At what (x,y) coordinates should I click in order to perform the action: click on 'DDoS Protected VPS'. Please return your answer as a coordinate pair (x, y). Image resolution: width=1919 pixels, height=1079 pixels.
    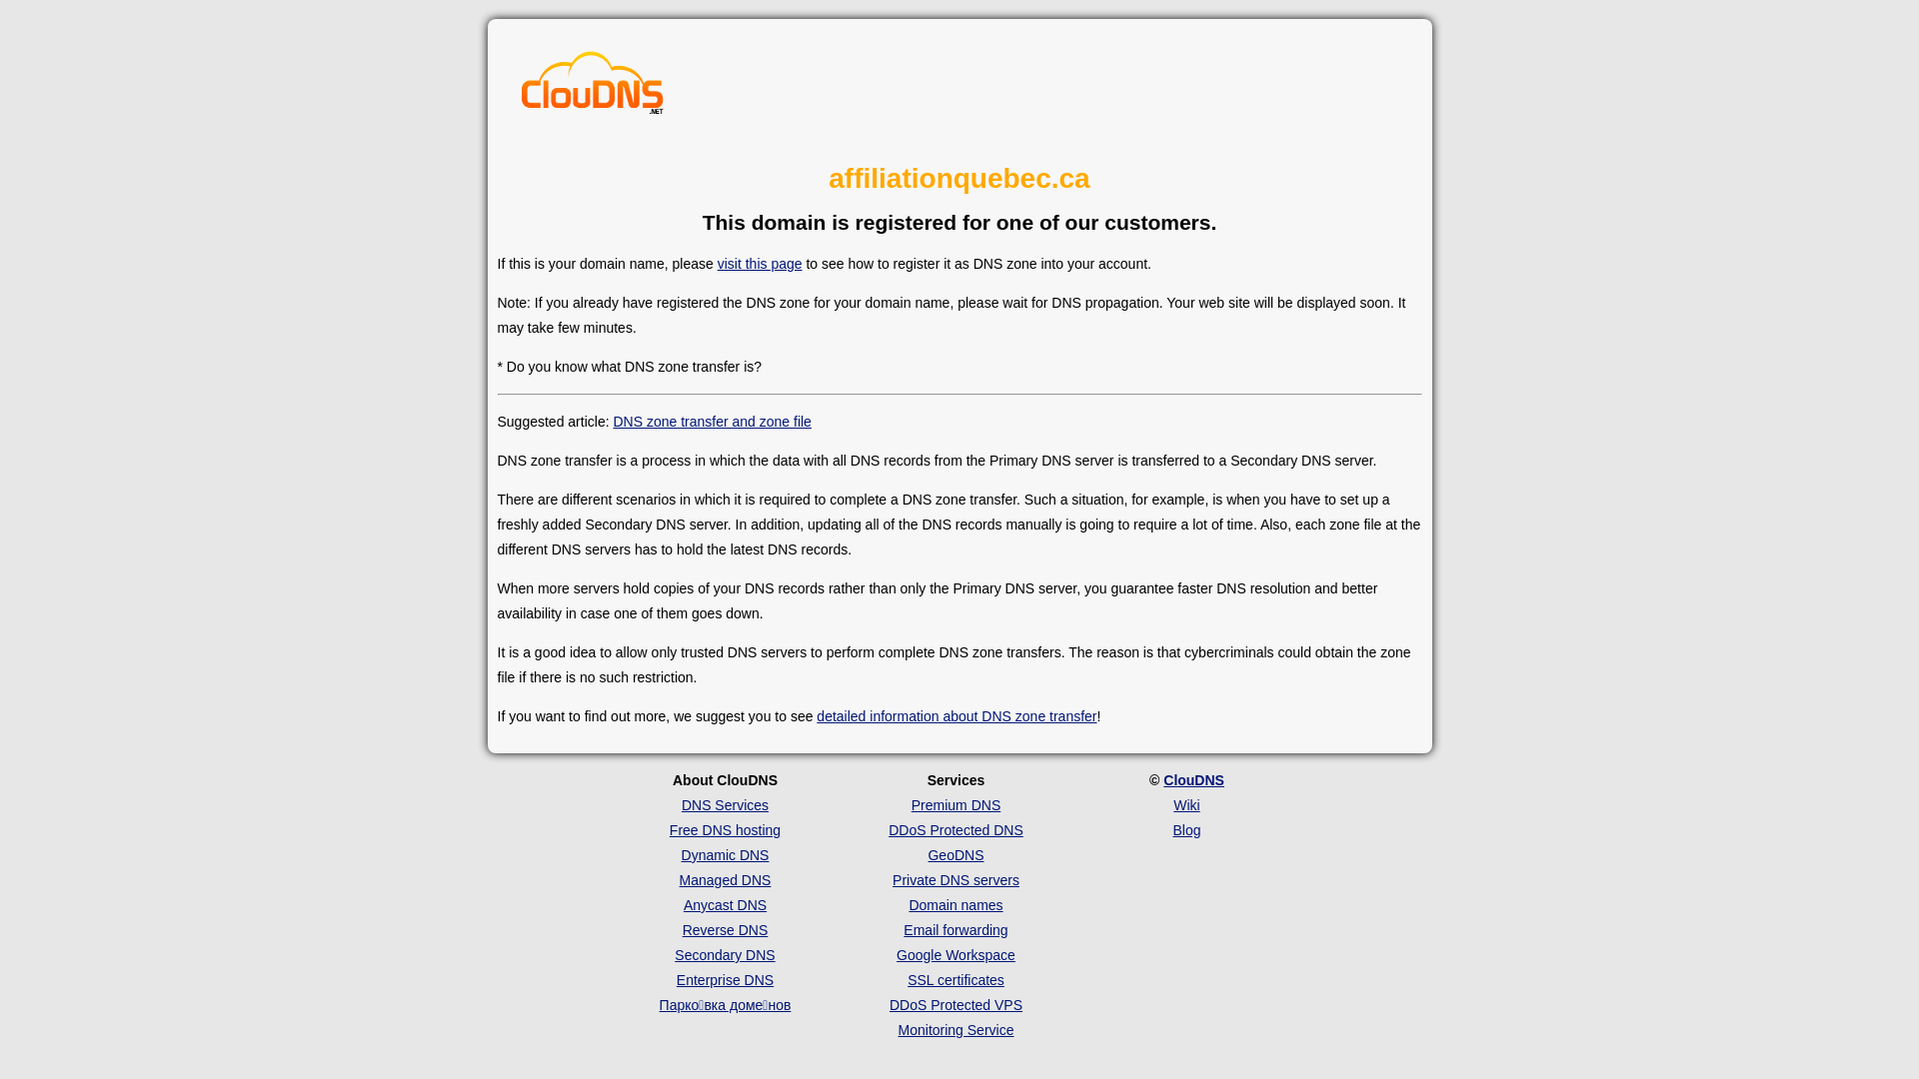
    Looking at the image, I should click on (955, 1005).